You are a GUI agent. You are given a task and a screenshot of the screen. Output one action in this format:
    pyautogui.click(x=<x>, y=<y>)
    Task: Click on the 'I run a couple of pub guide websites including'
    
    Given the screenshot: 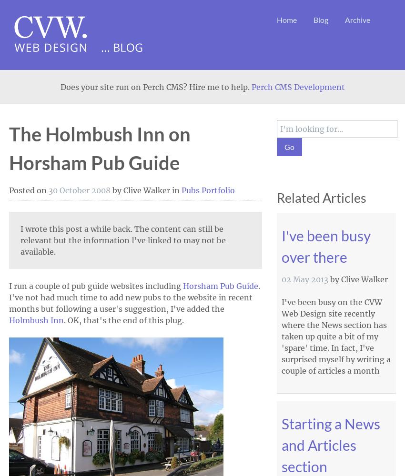 What is the action you would take?
    pyautogui.click(x=95, y=286)
    